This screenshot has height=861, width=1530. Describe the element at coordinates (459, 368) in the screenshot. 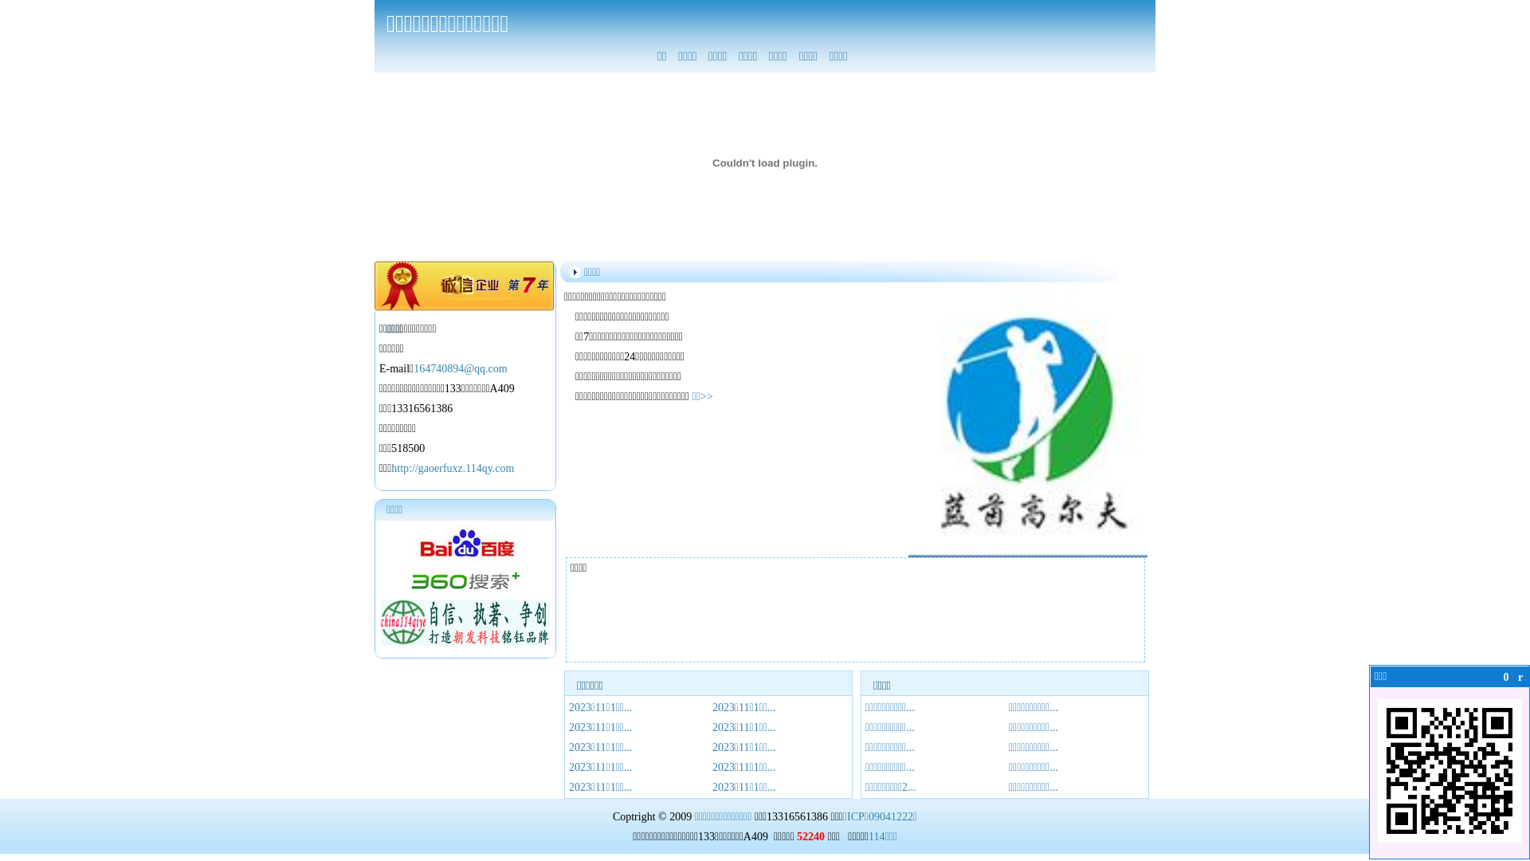

I see `'164740894@qq.com'` at that location.